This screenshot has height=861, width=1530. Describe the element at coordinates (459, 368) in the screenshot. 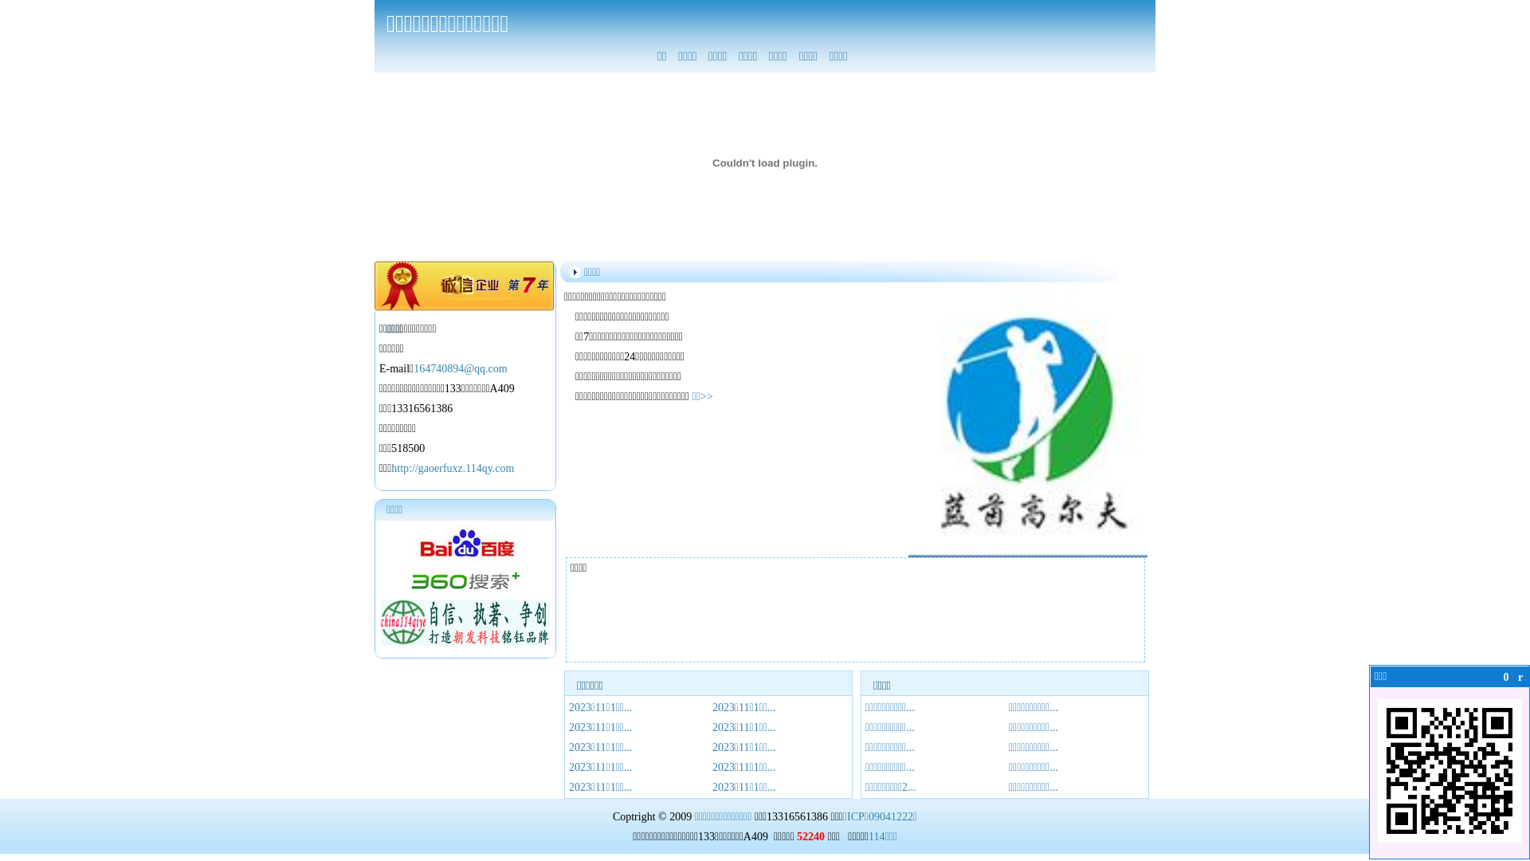

I see `'164740894@qq.com'` at that location.